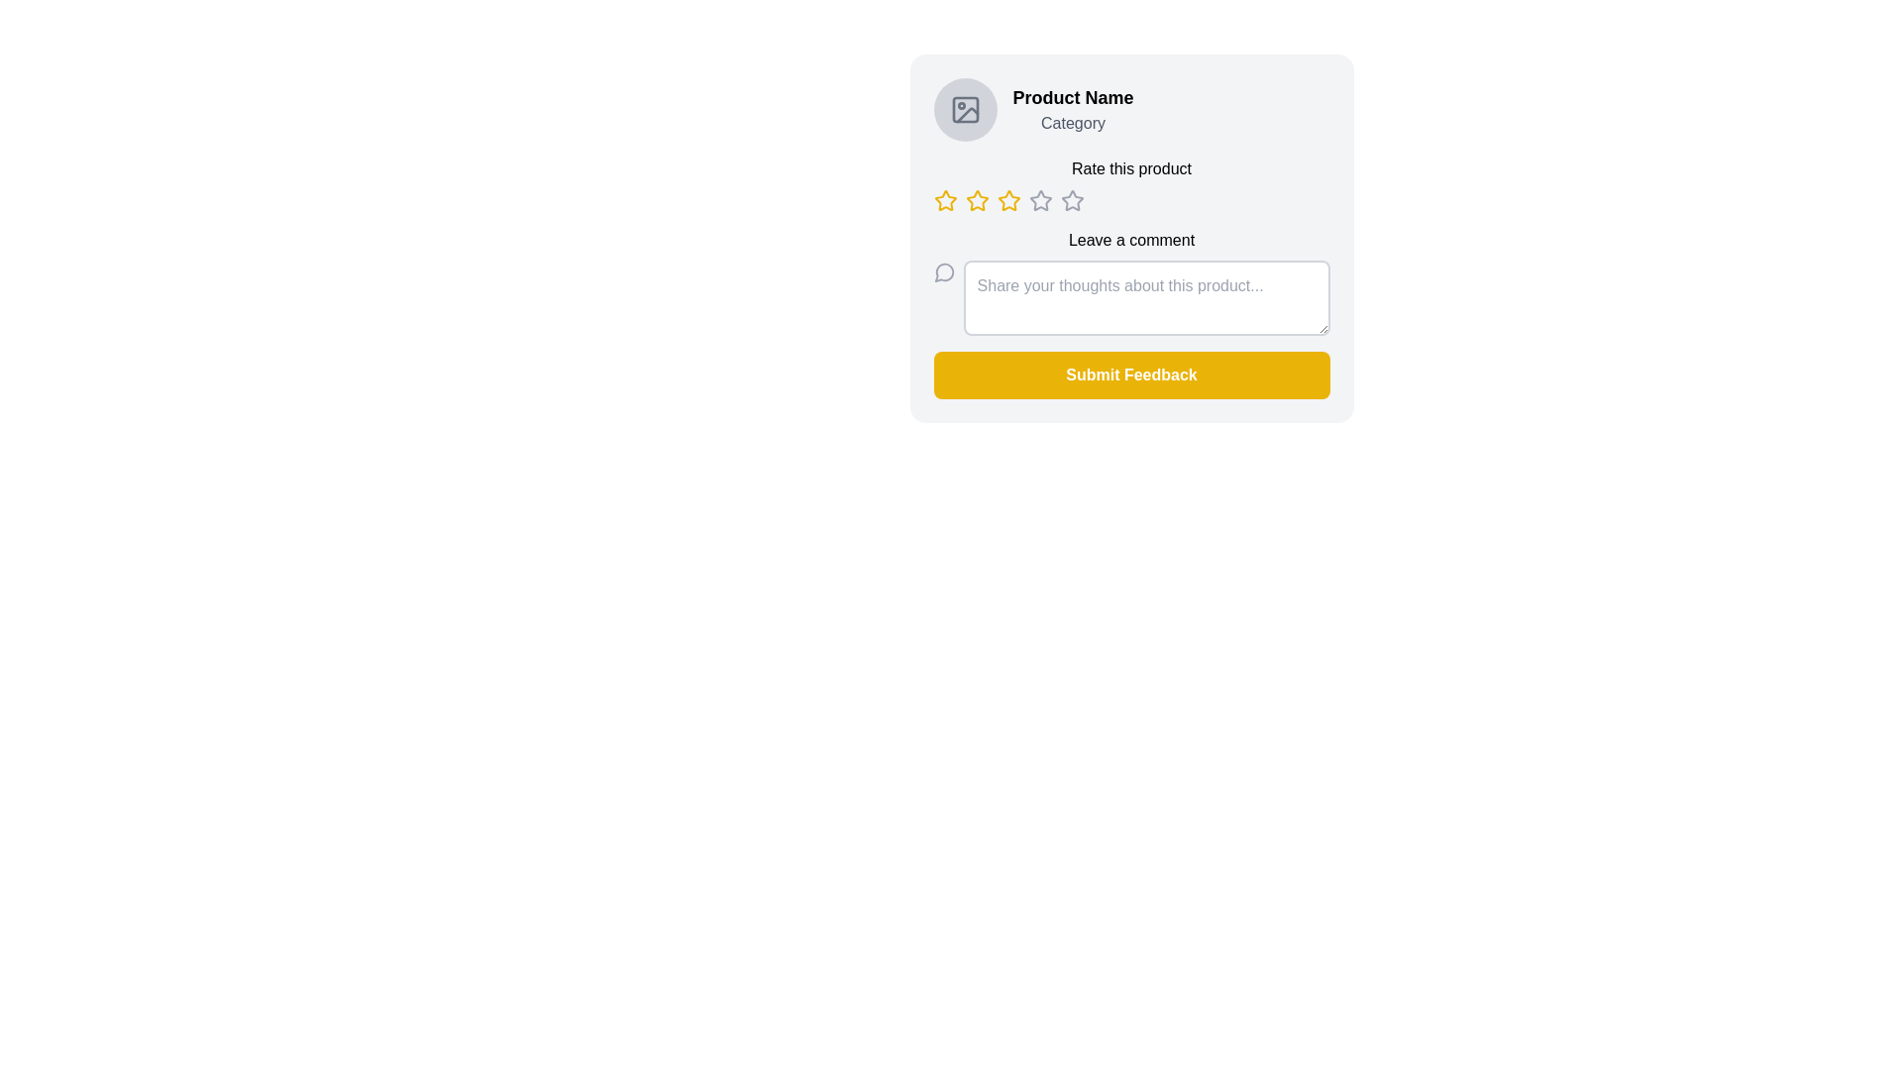 Image resolution: width=1902 pixels, height=1070 pixels. I want to click on the image placeholder element located to the left of the 'Product Name' and 'Category' text block, so click(965, 110).